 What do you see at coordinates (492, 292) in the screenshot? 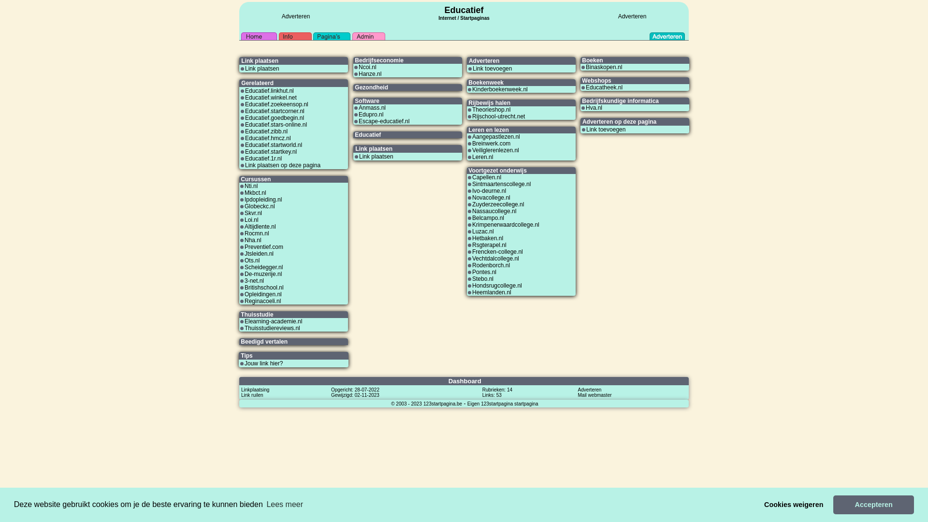
I see `'Heemlanden.nl'` at bounding box center [492, 292].